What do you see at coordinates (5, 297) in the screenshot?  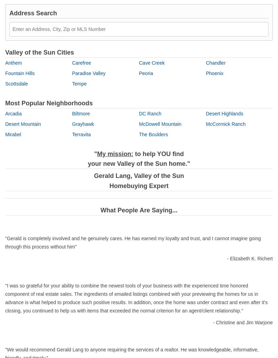 I see `'"I was so grateful for your ability to combine the newest tools of your business with the experienced time honored component of real estate sales. The ingredients of emailed listings combined with your previewing the homes for us in advance is what helped to produce such positive results. In addition, once the home was under contract and even after it's closing, you continued to help us with items that exceeded the normal criterion for an agent/client relationship."'` at bounding box center [5, 297].